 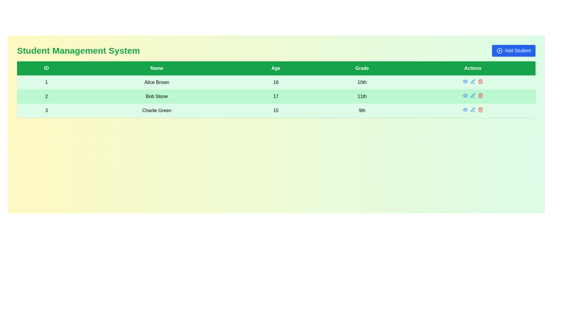 What do you see at coordinates (480, 81) in the screenshot?
I see `the red trash can icon under the 'Actions' column in the second row of the student management table to initiate the delete action for 'Bob Stone'` at bounding box center [480, 81].